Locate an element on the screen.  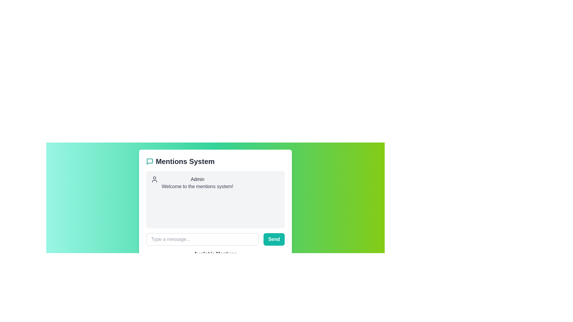
the 'Send' button, which is a rectangular button with rounded corners and a teal background, to send a message is located at coordinates (274, 239).